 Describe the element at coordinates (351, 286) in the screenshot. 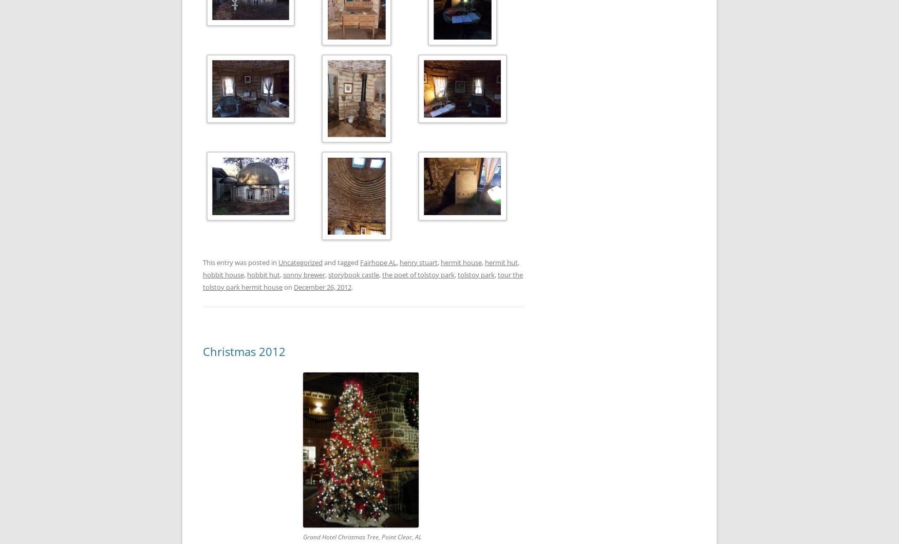

I see `'.'` at that location.